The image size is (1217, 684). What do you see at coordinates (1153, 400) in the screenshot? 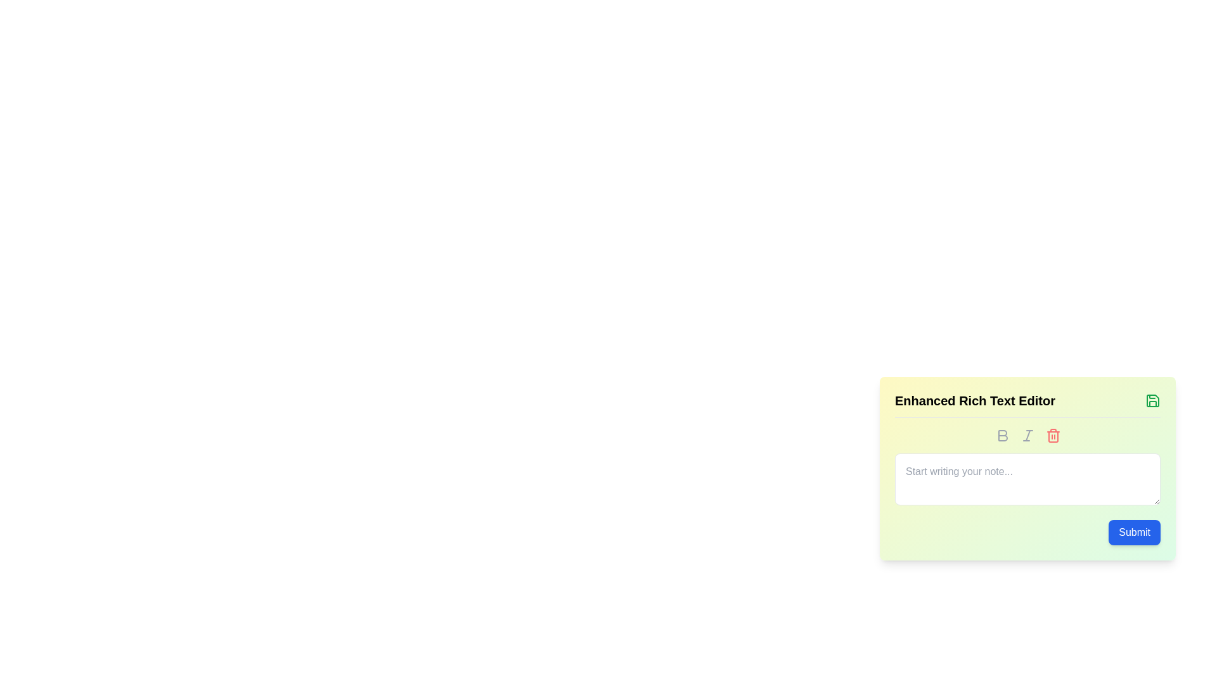
I see `the save button located at the far right of the header in the Enhanced Rich Text Editor` at bounding box center [1153, 400].